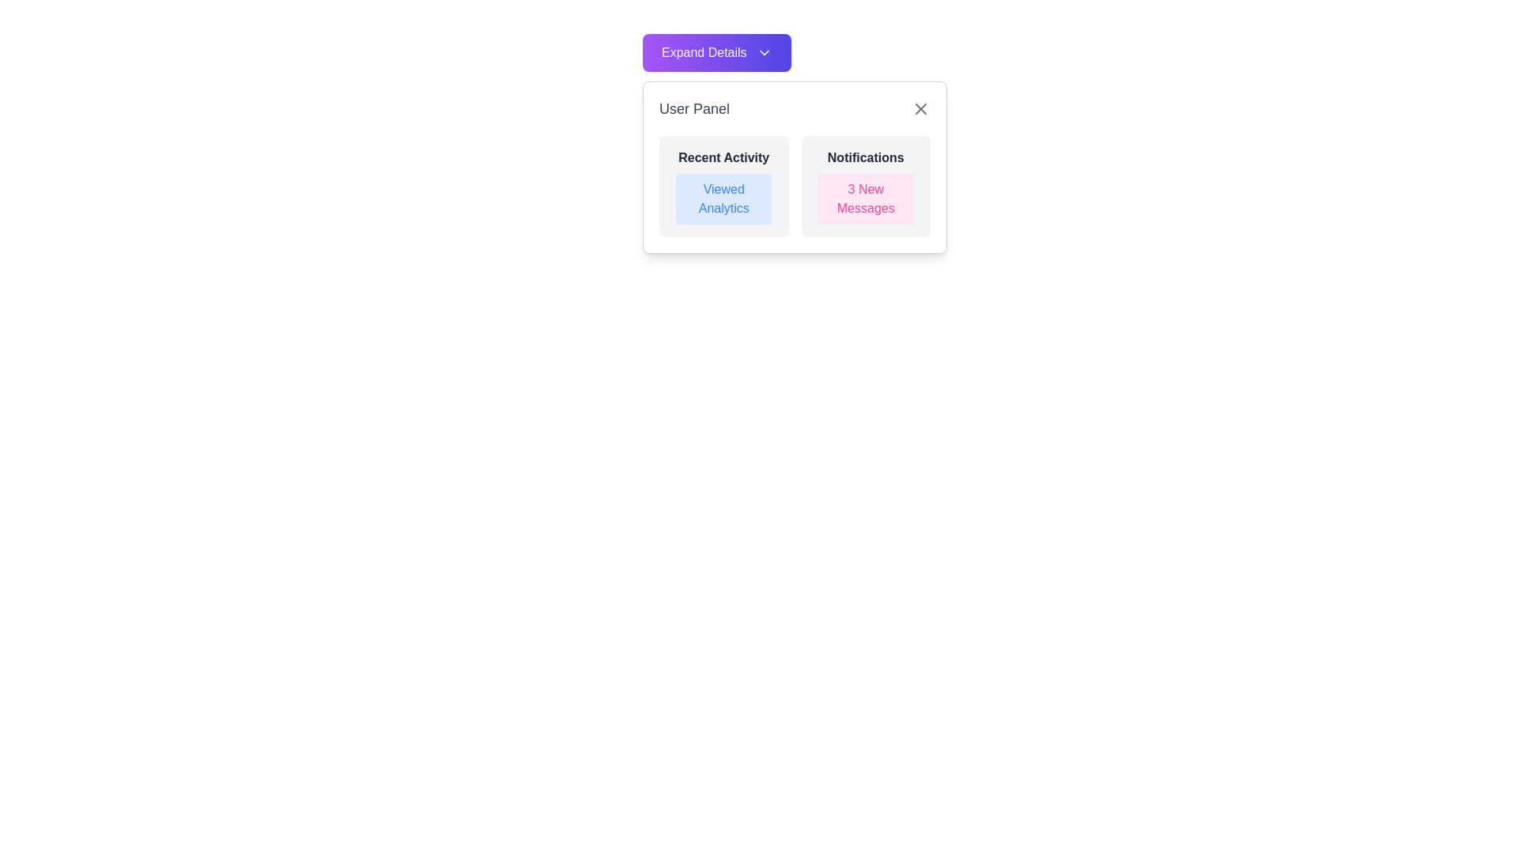 The height and width of the screenshot is (854, 1518). I want to click on the close button icon located on the far right of the 'User Panel' header to observe a visual change, so click(921, 108).